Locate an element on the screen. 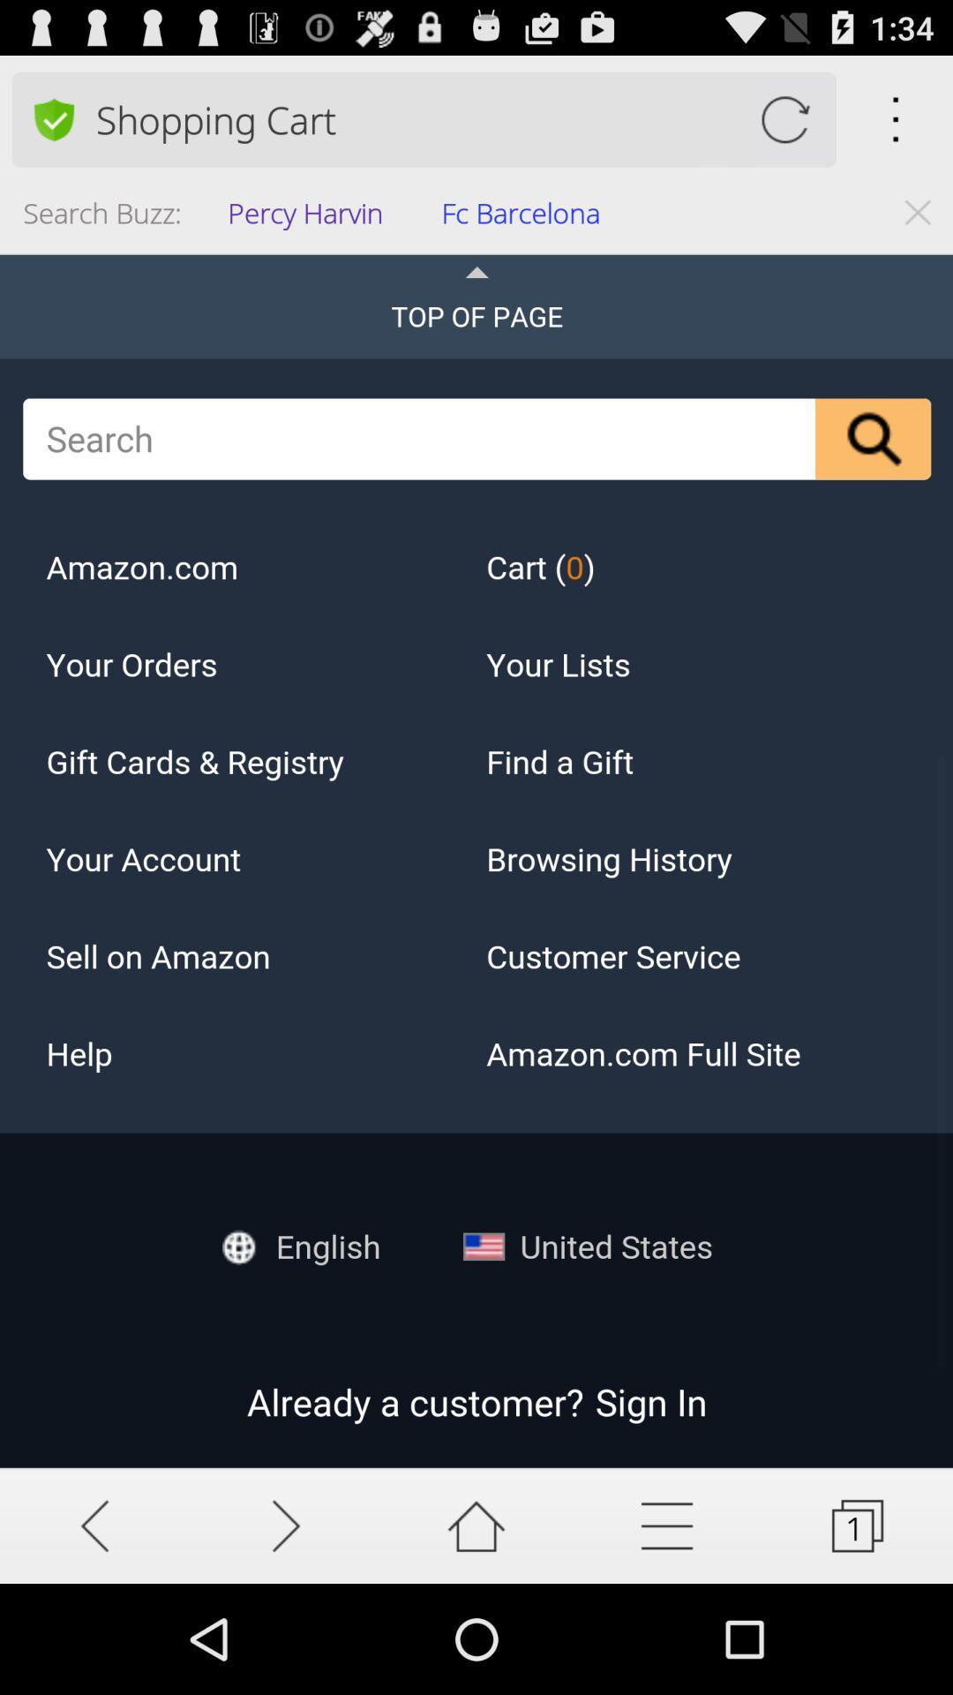 The width and height of the screenshot is (953, 1695). the refresh icon is located at coordinates (784, 127).